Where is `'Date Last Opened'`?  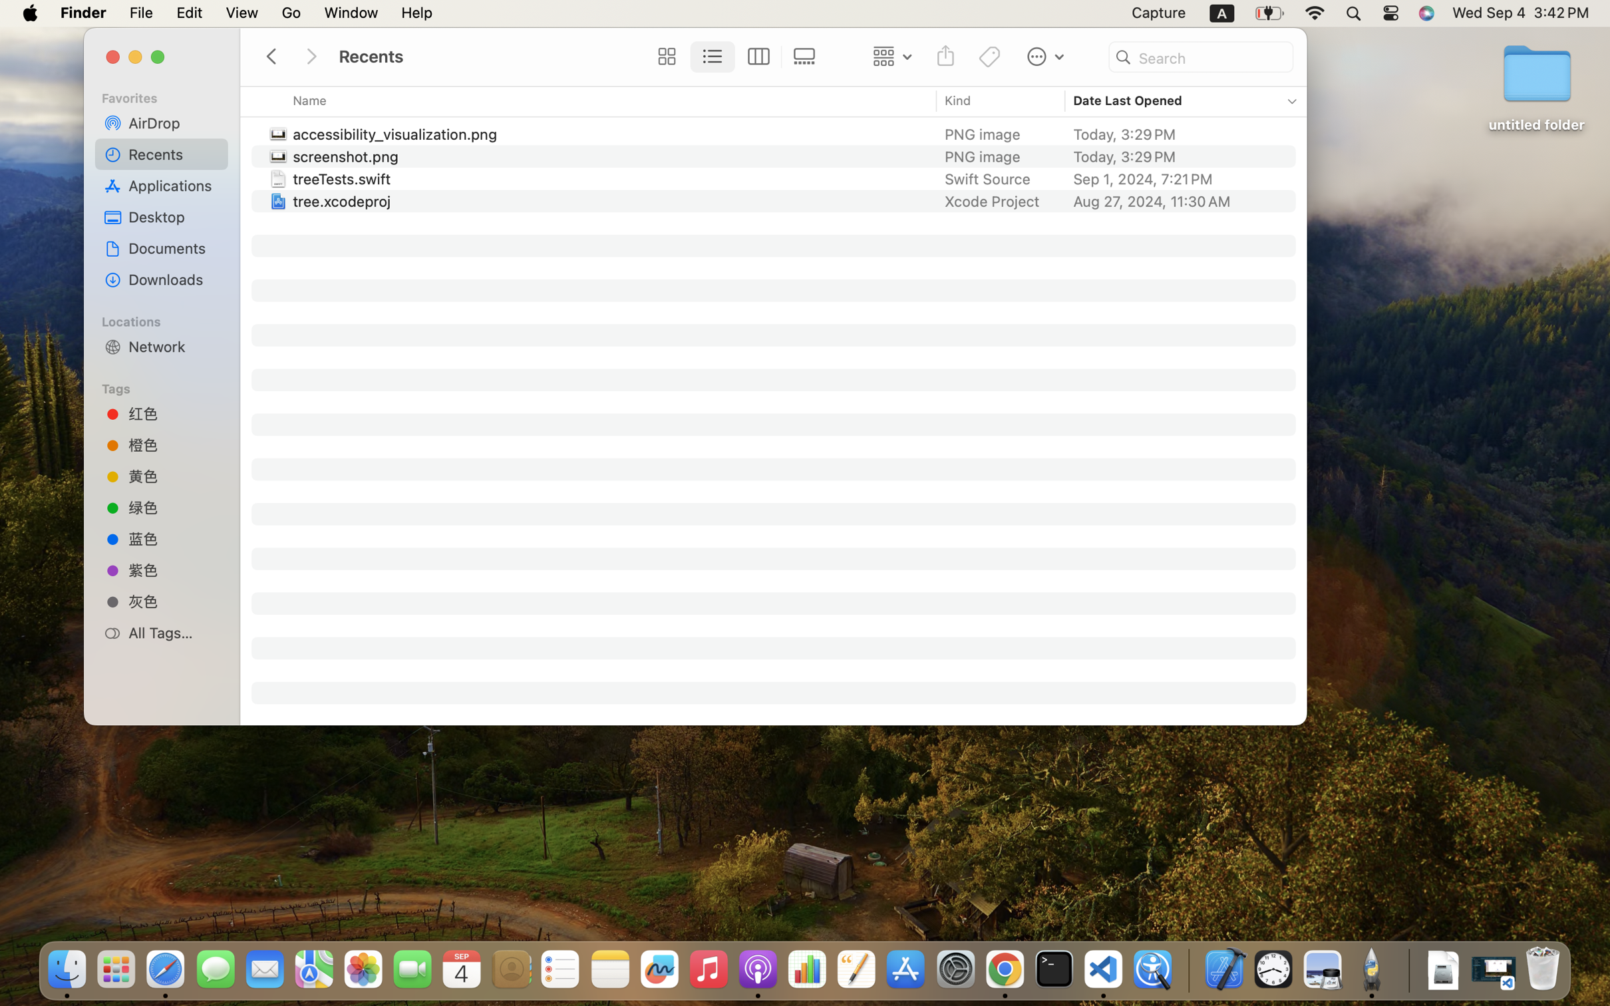
'Date Last Opened' is located at coordinates (1128, 100).